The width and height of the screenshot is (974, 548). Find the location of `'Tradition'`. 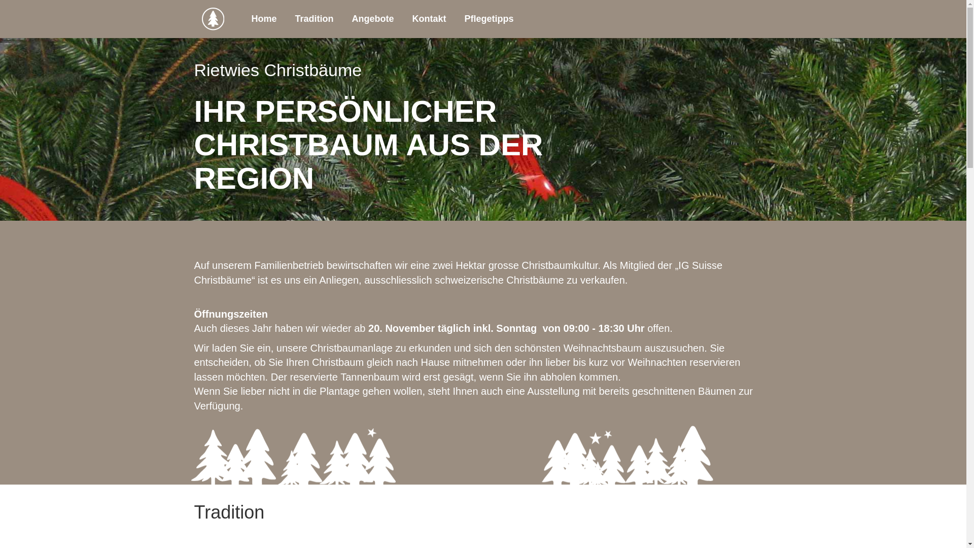

'Tradition' is located at coordinates (286, 19).